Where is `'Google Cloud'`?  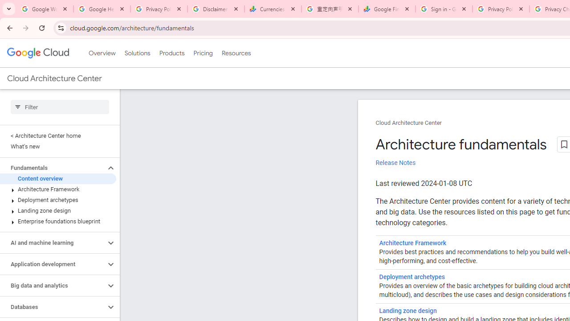 'Google Cloud' is located at coordinates (37, 53).